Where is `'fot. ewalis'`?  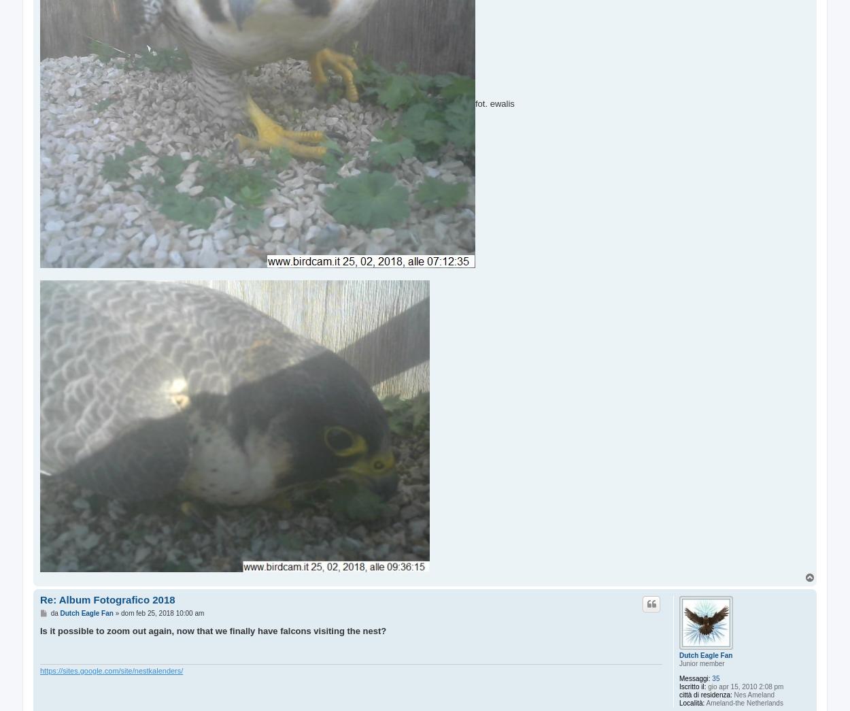 'fot. ewalis' is located at coordinates (494, 103).